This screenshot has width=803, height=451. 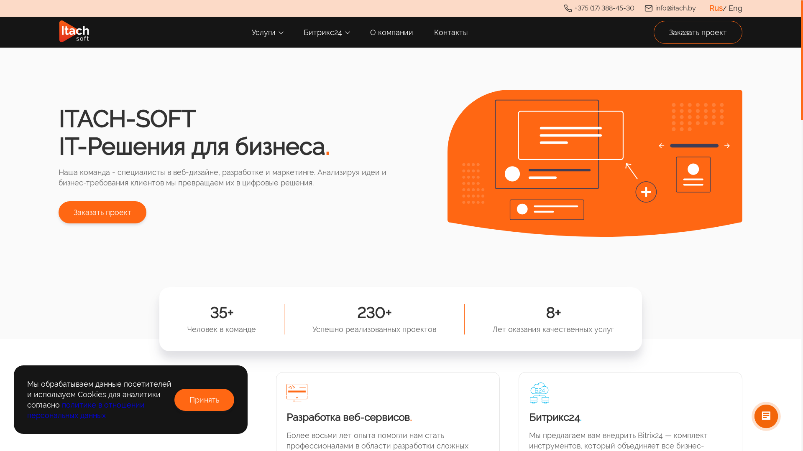 I want to click on '+375 (17) 388-45-30', so click(x=598, y=8).